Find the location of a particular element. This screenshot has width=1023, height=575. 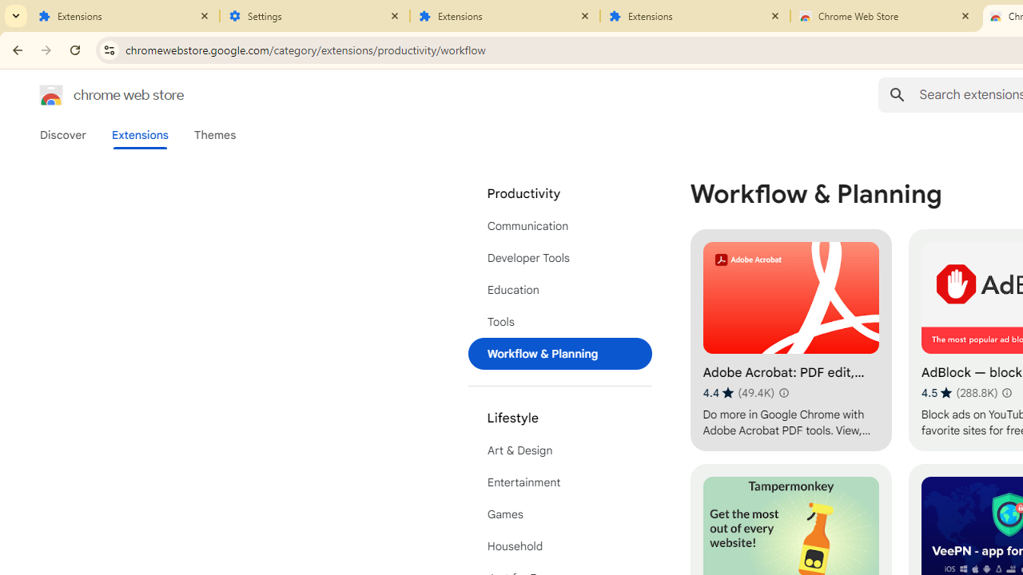

'Communication' is located at coordinates (559, 225).